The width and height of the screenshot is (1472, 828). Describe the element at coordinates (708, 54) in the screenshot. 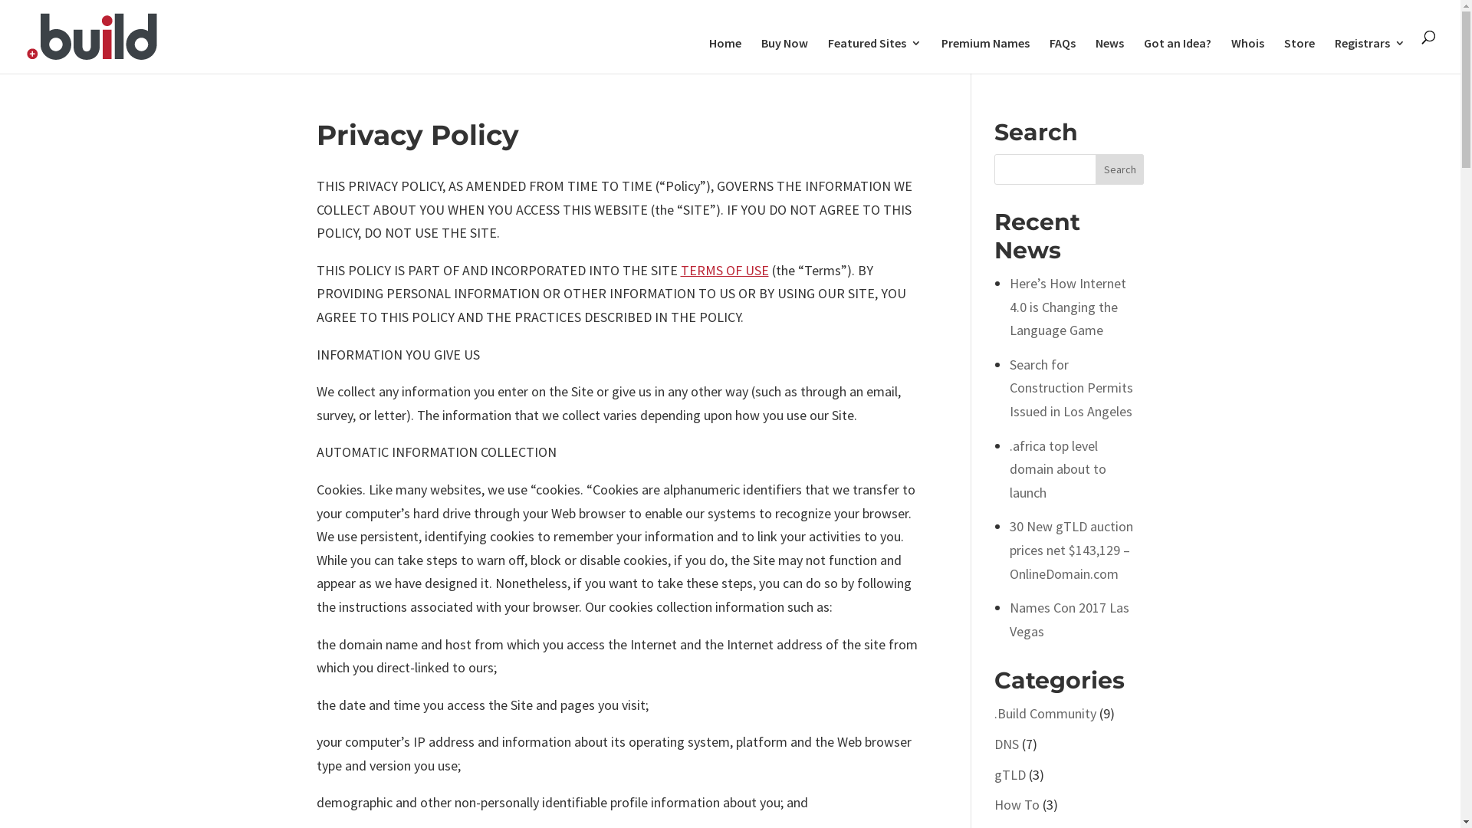

I see `'Home'` at that location.